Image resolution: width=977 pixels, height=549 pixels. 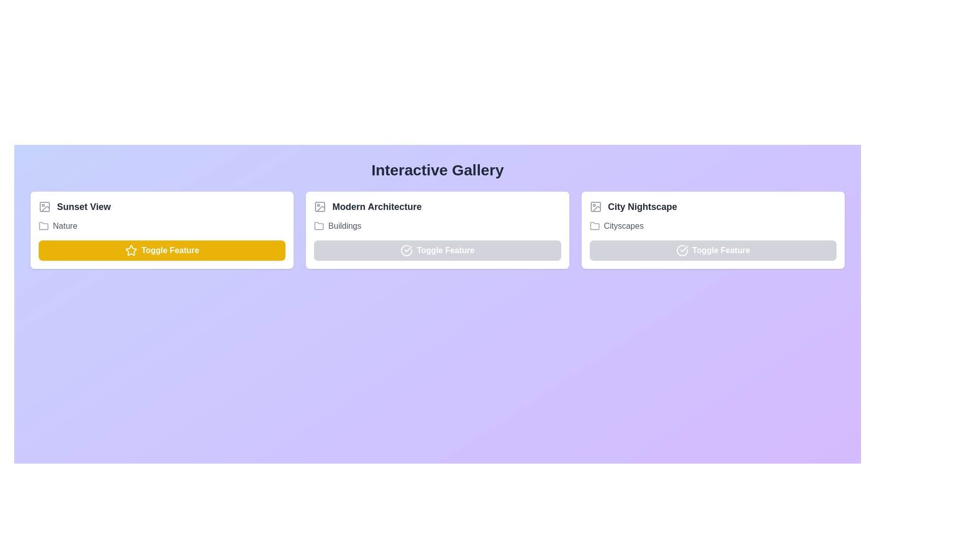 I want to click on the 'Cityscapes' label, which is styled in gray and features a folder icon to its left, located in the 'City Nightscape' section between the main title and the 'Toggle Feature' button, so click(x=712, y=225).